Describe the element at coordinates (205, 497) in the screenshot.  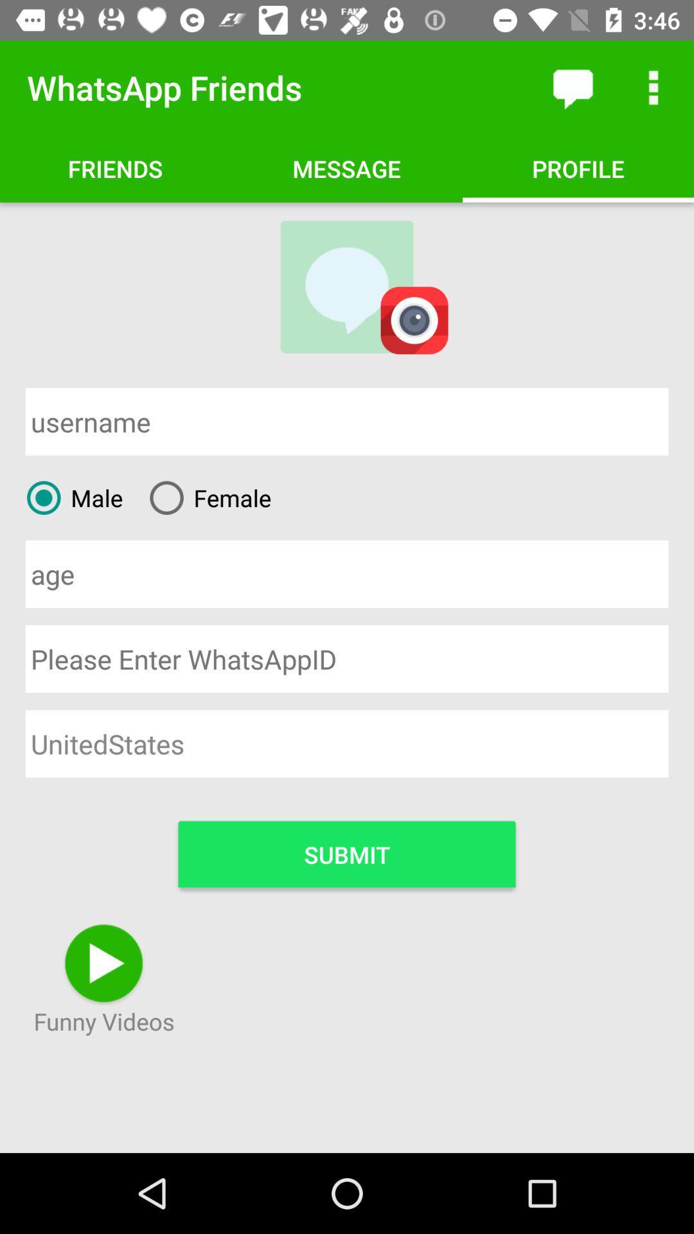
I see `the gender female` at that location.